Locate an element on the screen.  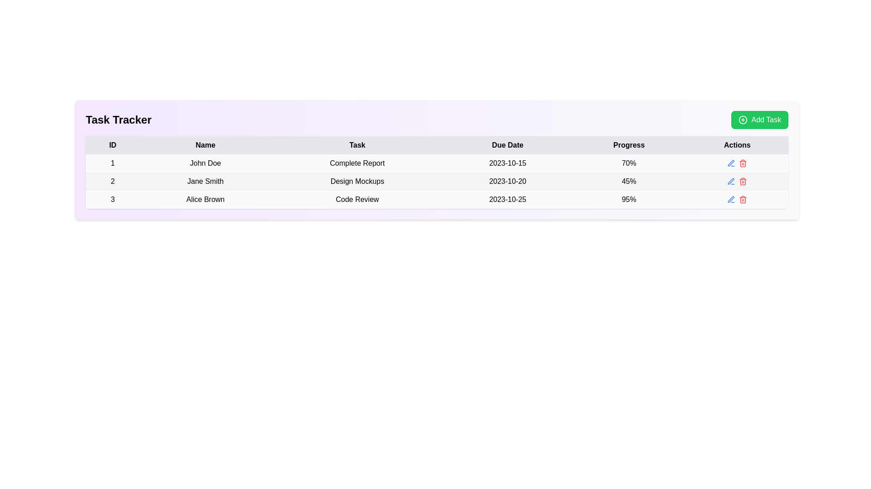
the delete icon button located is located at coordinates (743, 163).